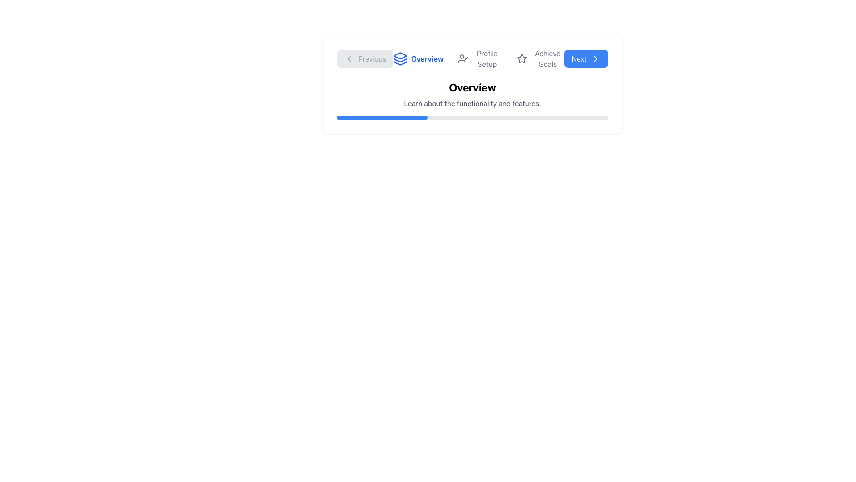 This screenshot has width=856, height=482. Describe the element at coordinates (540, 58) in the screenshot. I see `the third navigation tab in the horizontal navigation bar` at that location.